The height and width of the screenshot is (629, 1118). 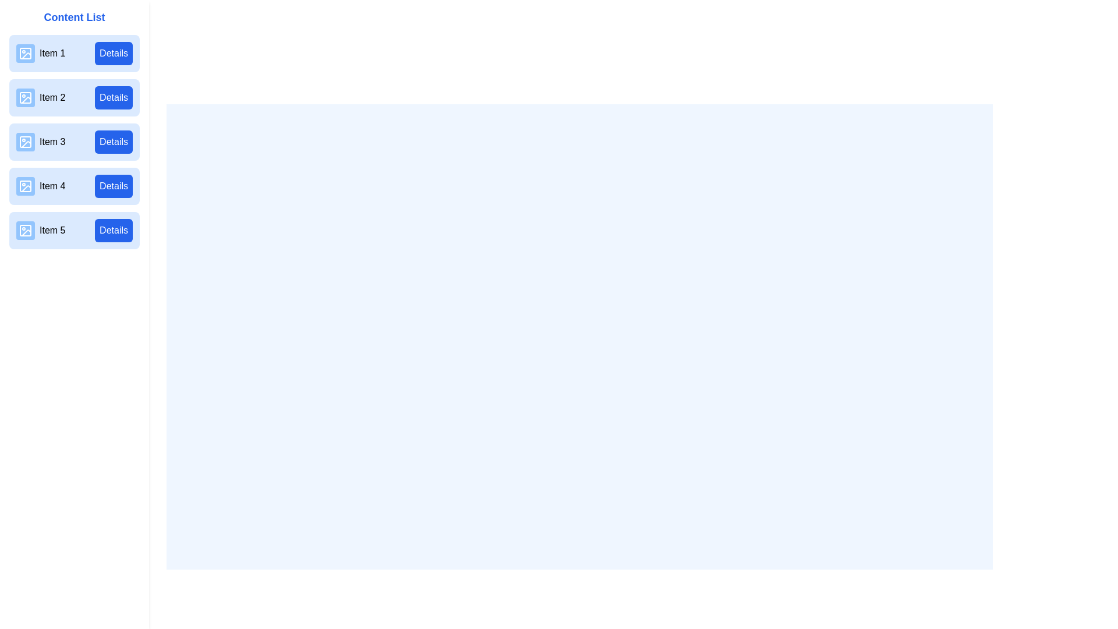 What do you see at coordinates (52, 231) in the screenshot?
I see `the static text label reading 'Item 5', which is styled in a standard sans-serif font and located in the fifth row of a vertically stacked list, positioned between an icon and a blue rectangular button labeled 'Details'` at bounding box center [52, 231].